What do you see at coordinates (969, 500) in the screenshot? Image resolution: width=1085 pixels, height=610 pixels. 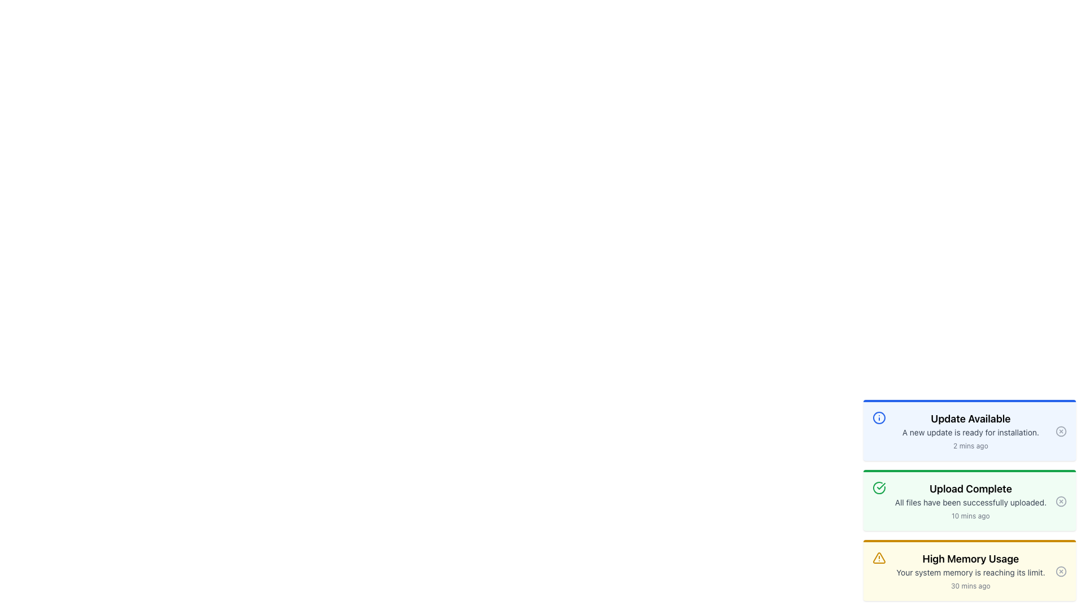 I see `the Notification box that indicates the upload process has completed successfully, located between the 'Update Available' and 'High Memory Usage' notifications in the bottom-right corner of the interface` at bounding box center [969, 500].